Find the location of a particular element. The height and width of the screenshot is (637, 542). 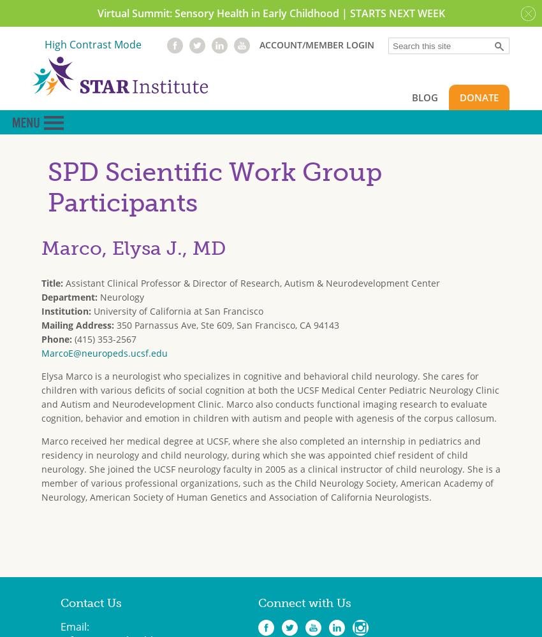

'Elysa Marco is a neurologist who specializes in cognitive and behavioral child neurology. She cares for children with various deficits of social cognition at both the UCSF Medical Center Pediatric Neurology Clinic and Autism and Neurodevelopment Clinic. Marco also conducts functional imaging research to evaluate cognition, behavior and emotion in children with autism and people with agenesis of the corpus callosum.' is located at coordinates (270, 396).